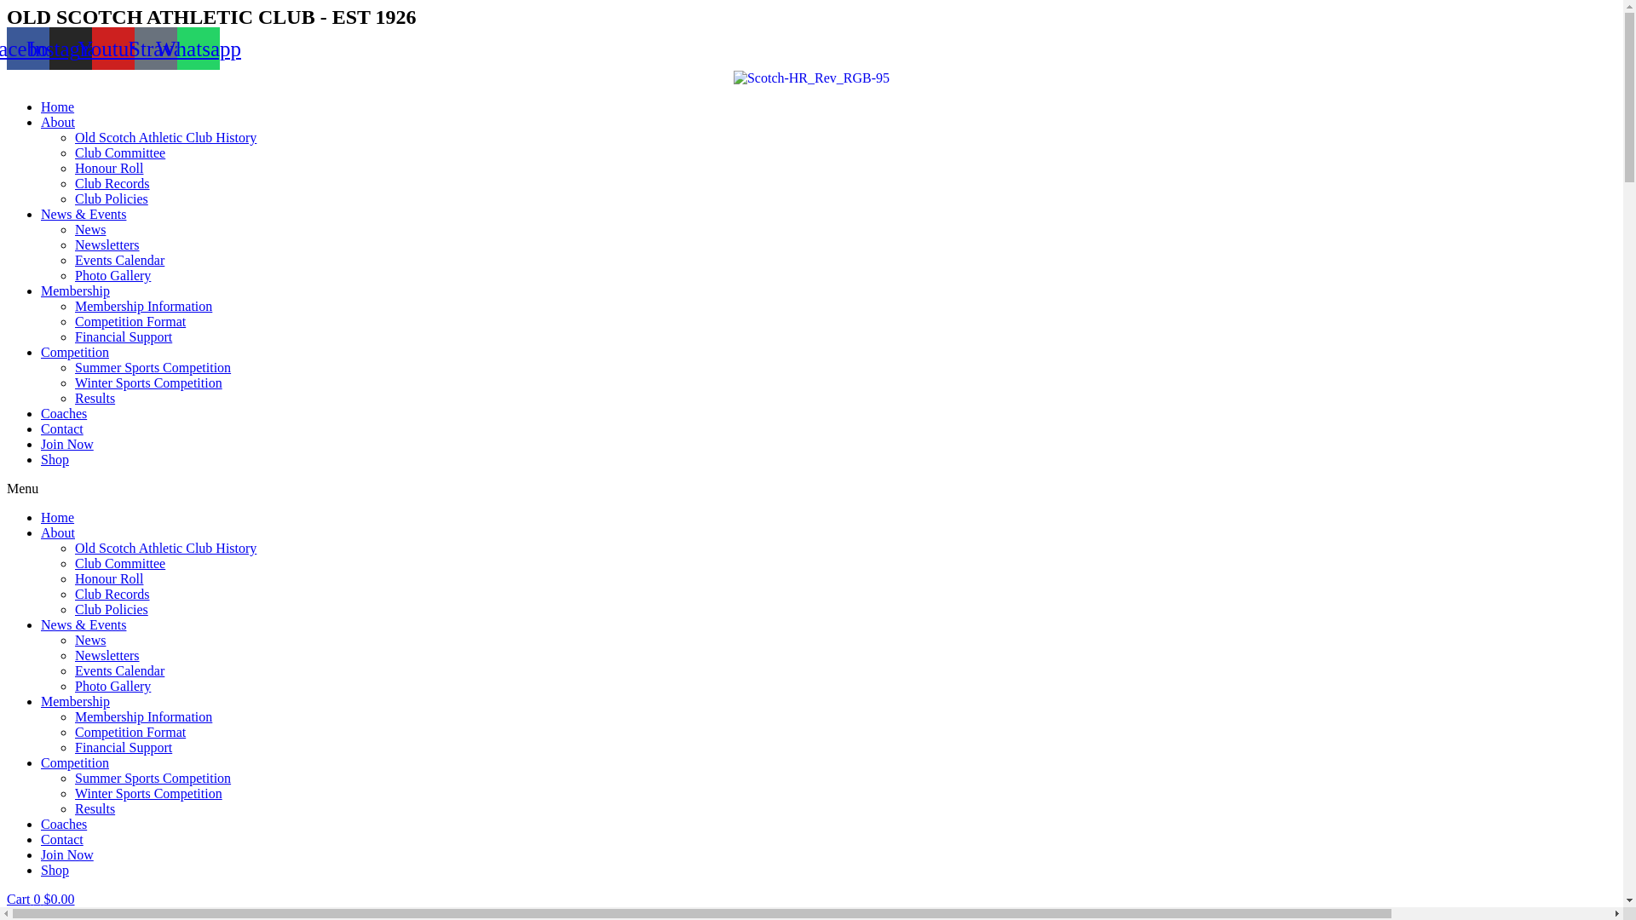 This screenshot has height=920, width=1636. What do you see at coordinates (73, 808) in the screenshot?
I see `'Results'` at bounding box center [73, 808].